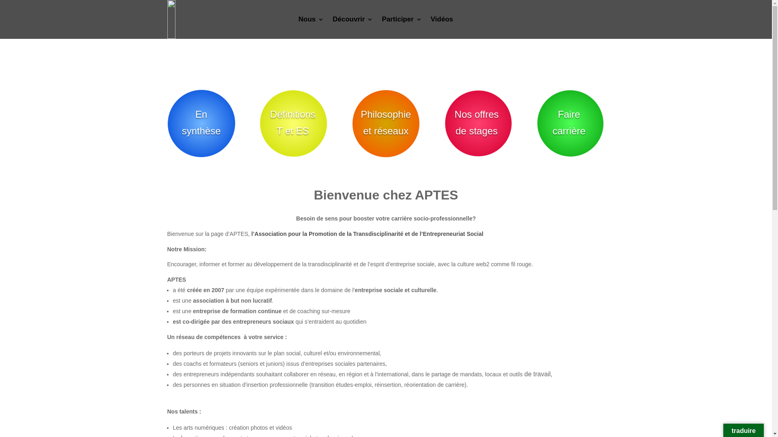 This screenshot has width=778, height=437. What do you see at coordinates (311, 19) in the screenshot?
I see `'Nous'` at bounding box center [311, 19].